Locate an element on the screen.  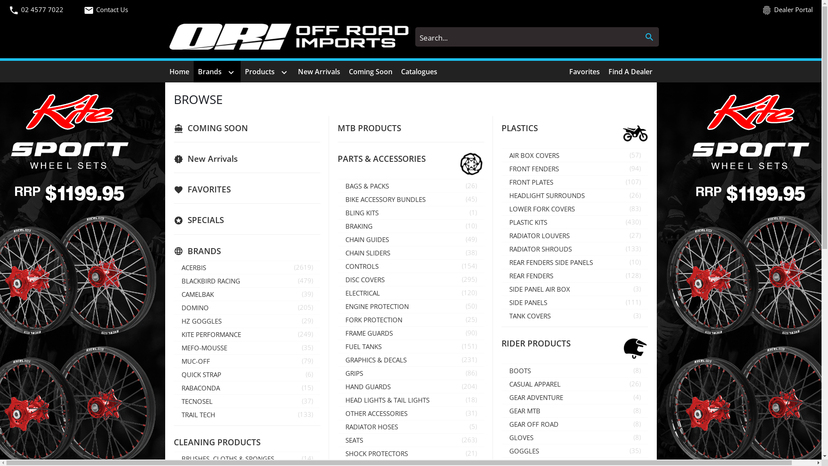
'Home' is located at coordinates (178, 71).